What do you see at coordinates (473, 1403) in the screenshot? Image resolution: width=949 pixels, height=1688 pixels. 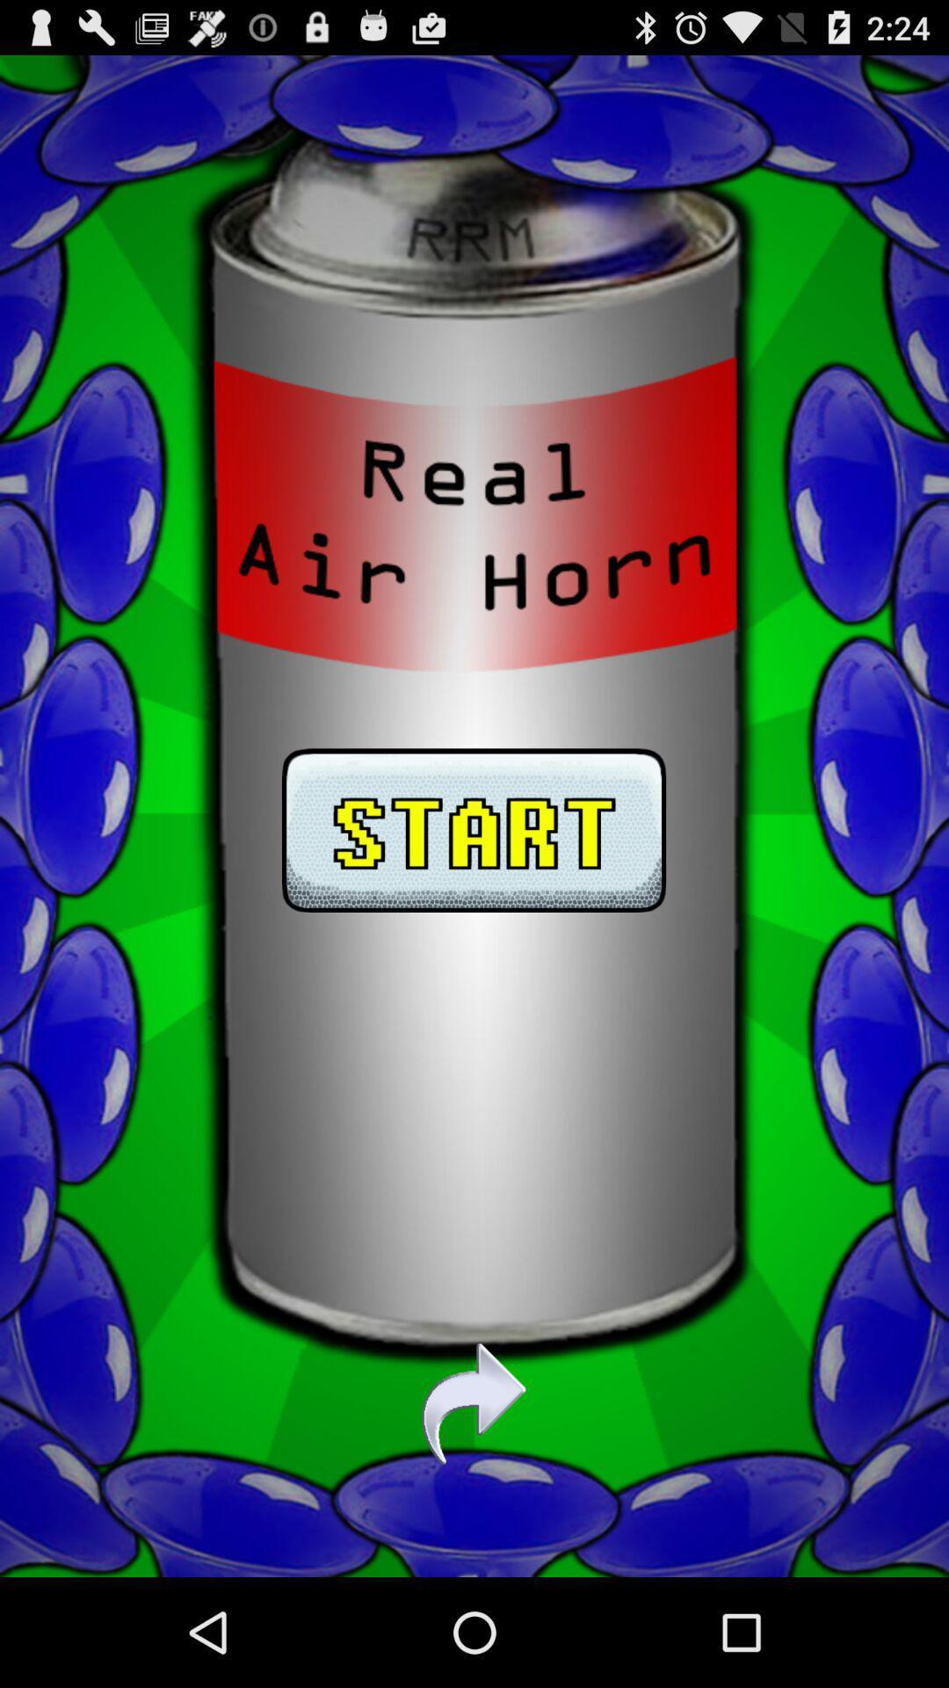 I see `the icon at the bottom` at bounding box center [473, 1403].